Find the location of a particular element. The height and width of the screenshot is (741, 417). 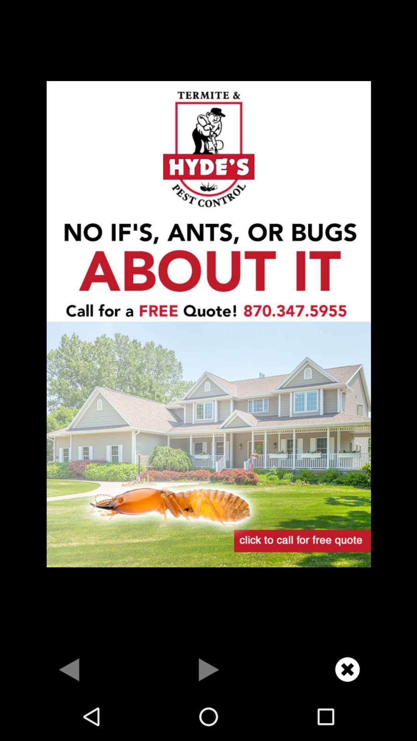

botton is located at coordinates (208, 669).